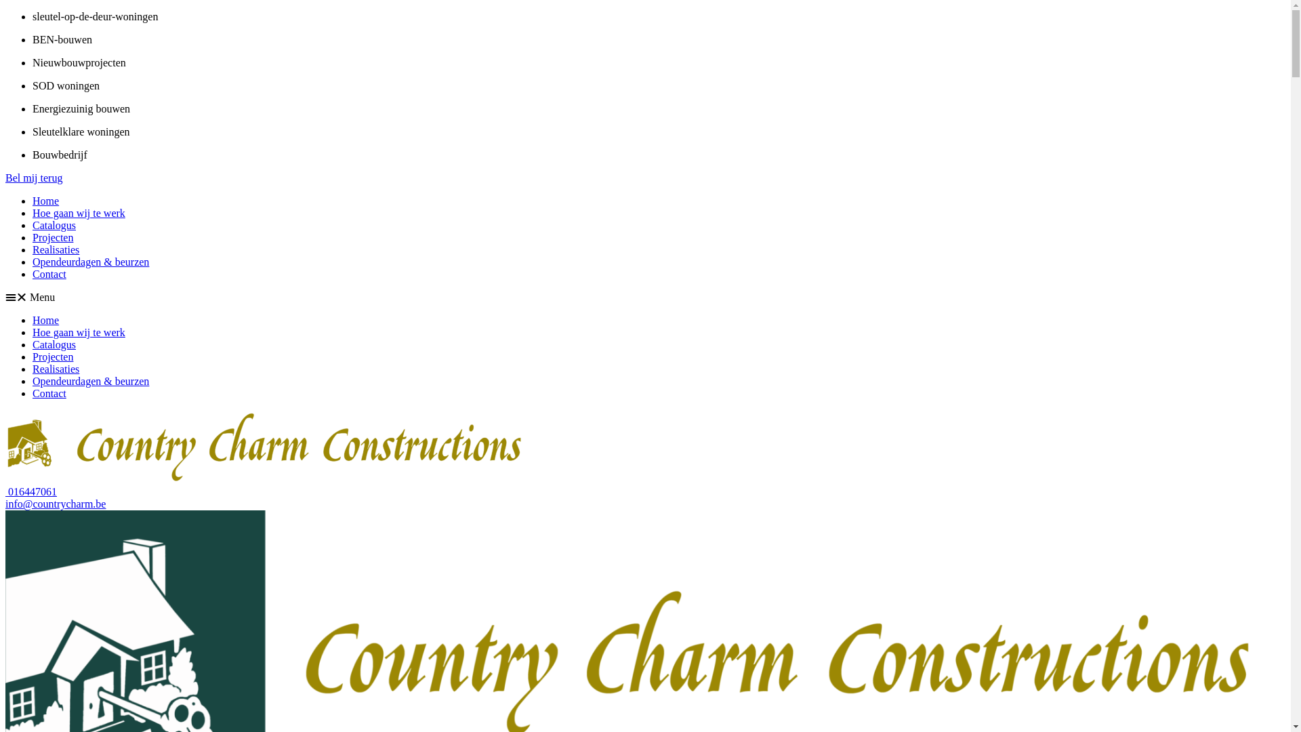 The image size is (1301, 732). I want to click on 'Contact', so click(49, 274).